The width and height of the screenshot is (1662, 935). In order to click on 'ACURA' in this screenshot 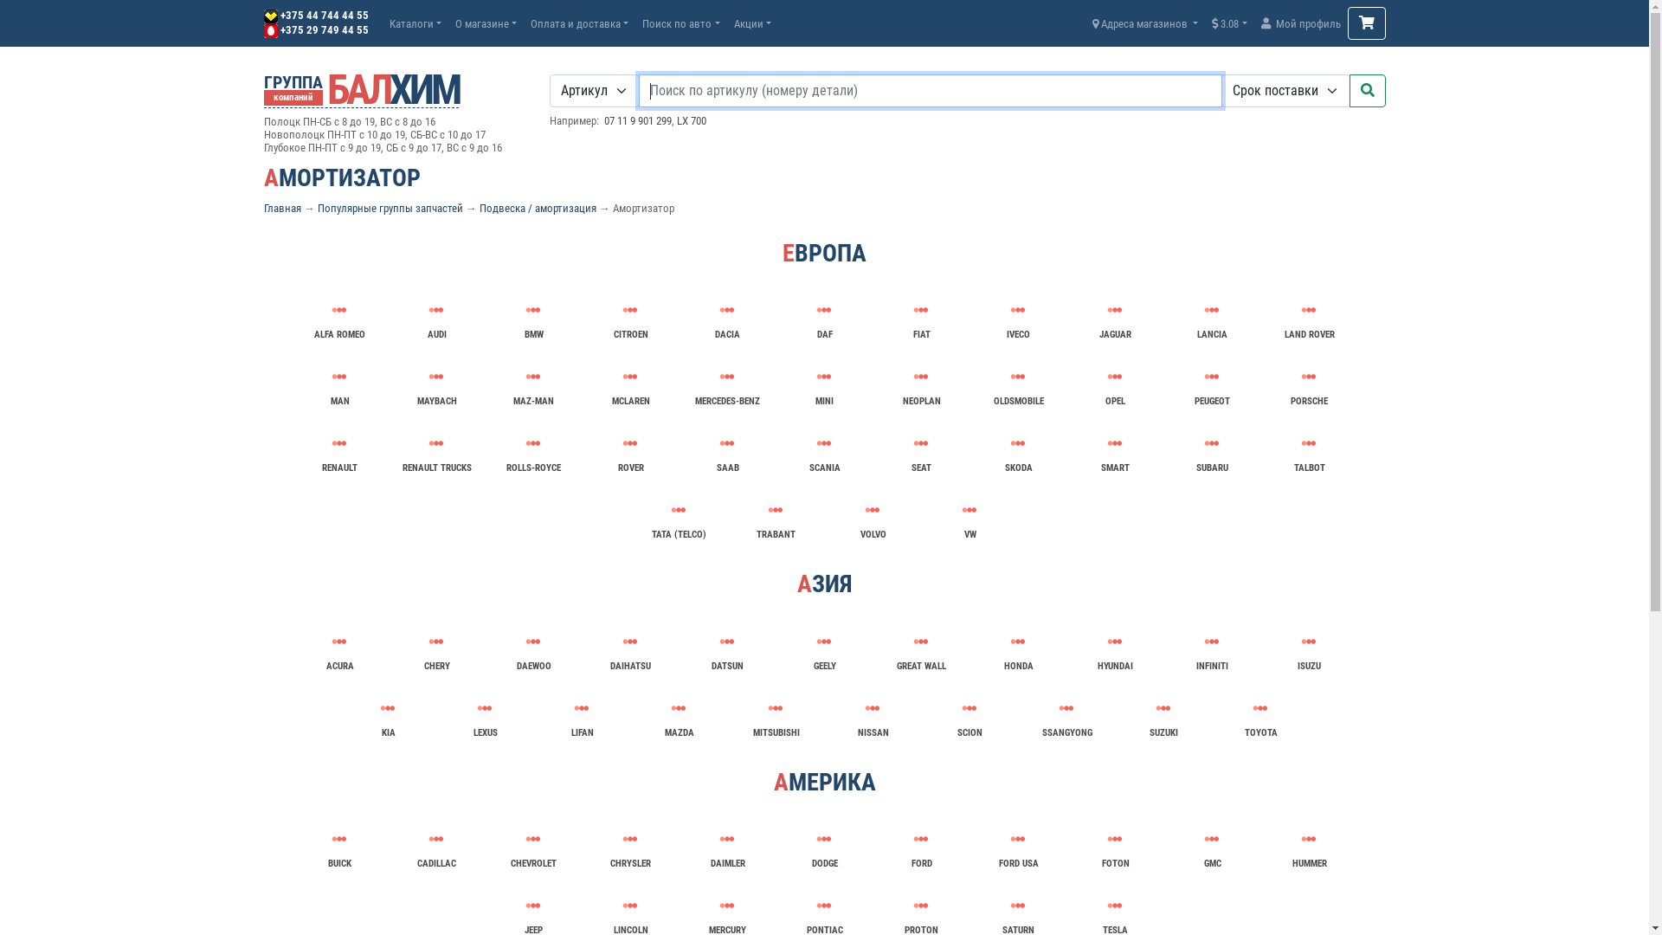, I will do `click(339, 641)`.